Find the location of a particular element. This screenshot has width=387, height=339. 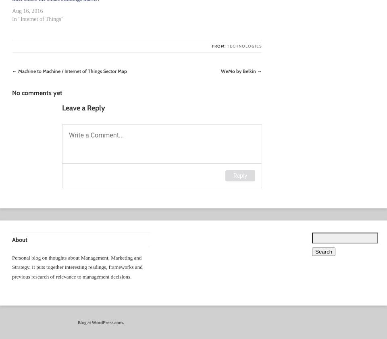

'Reply' is located at coordinates (233, 175).